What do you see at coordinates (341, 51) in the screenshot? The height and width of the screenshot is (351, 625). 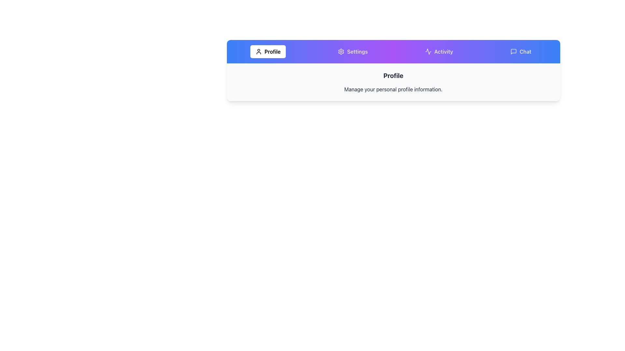 I see `the gear icon in the navigation bar, which symbolizes settings or configuration, colored in purple and located second from the left` at bounding box center [341, 51].